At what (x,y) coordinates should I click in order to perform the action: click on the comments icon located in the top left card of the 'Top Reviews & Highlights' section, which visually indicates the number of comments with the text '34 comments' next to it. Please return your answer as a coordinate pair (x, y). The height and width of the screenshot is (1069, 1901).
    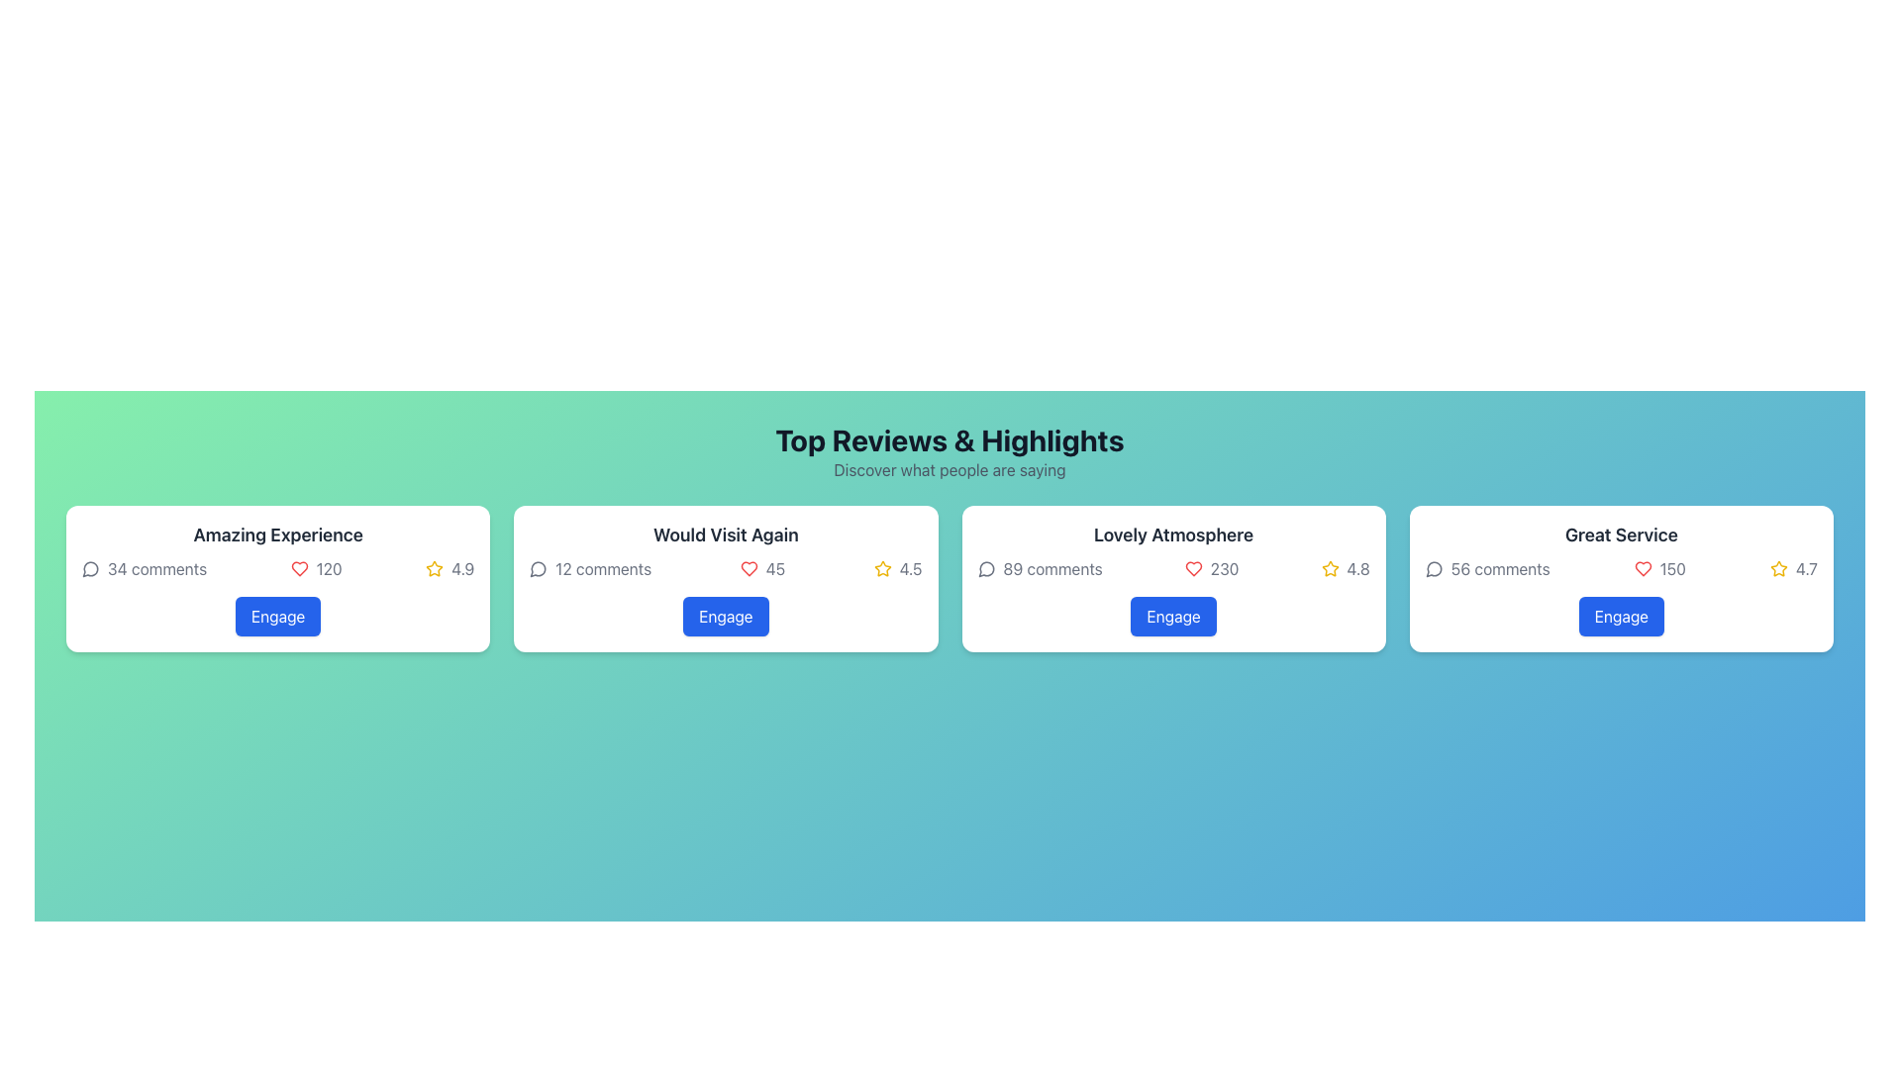
    Looking at the image, I should click on (89, 568).